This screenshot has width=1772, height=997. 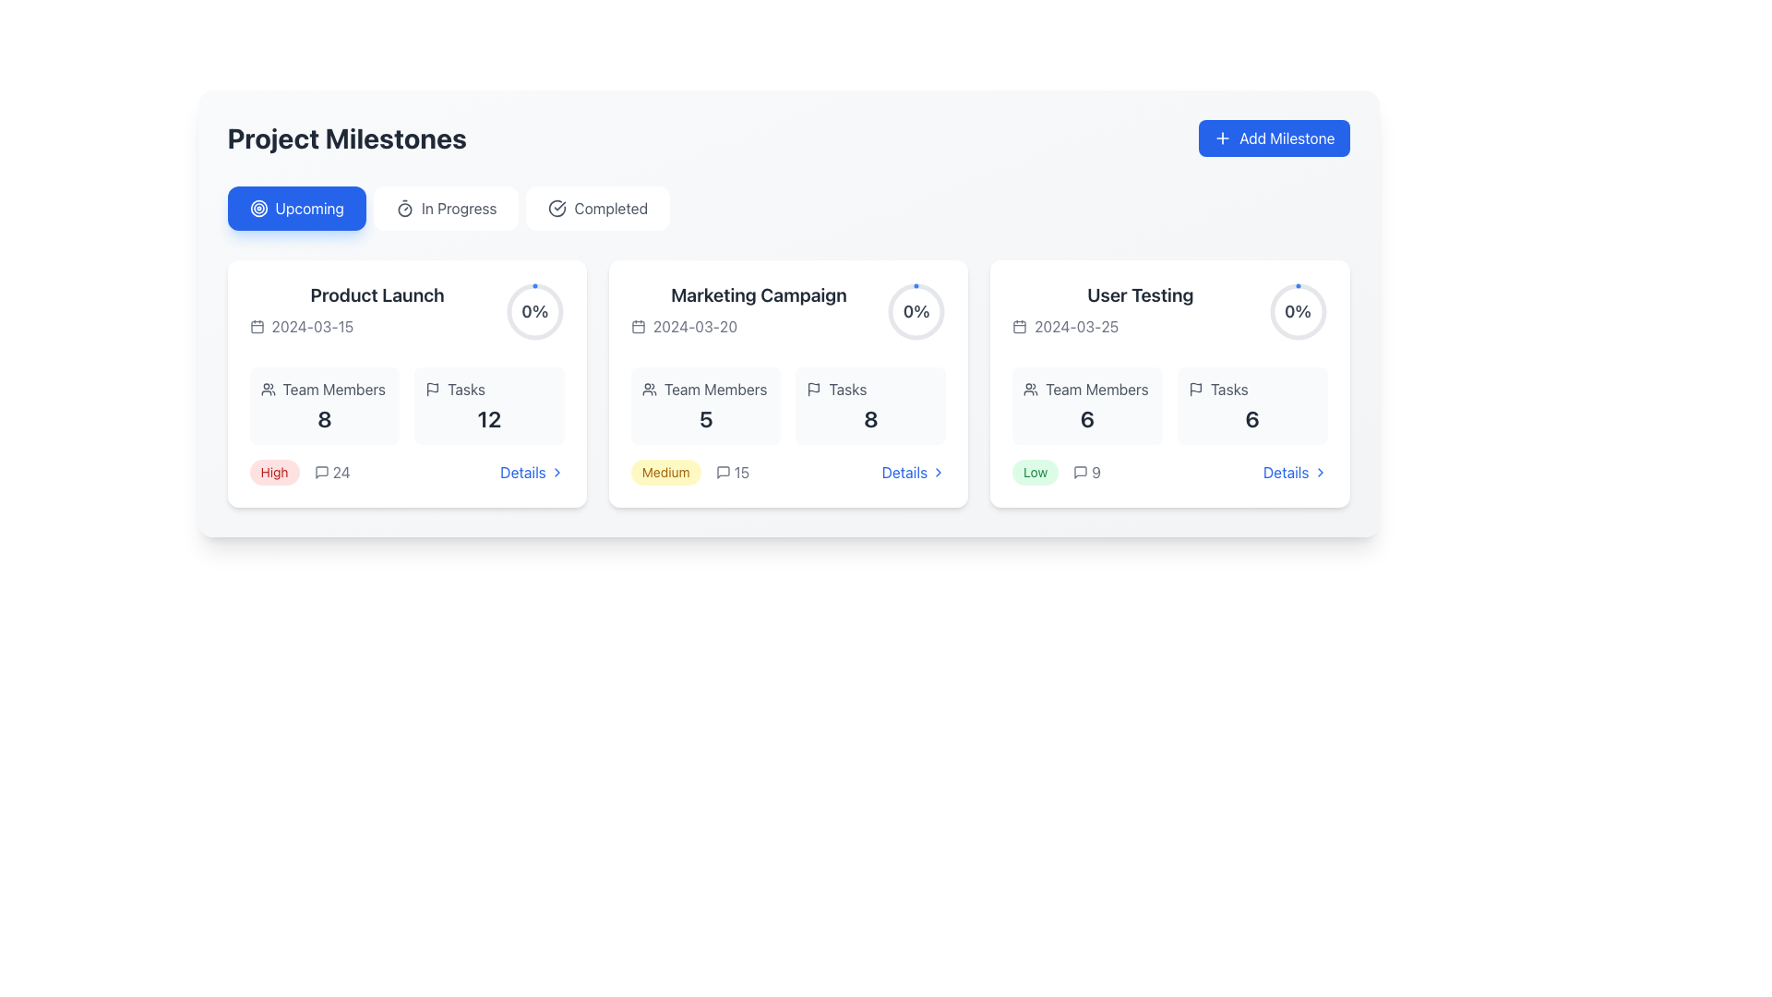 What do you see at coordinates (1139, 294) in the screenshot?
I see `the bold text header 'User Testing', which is prominently styled as the title of a section, located in the last card of the grid layout` at bounding box center [1139, 294].